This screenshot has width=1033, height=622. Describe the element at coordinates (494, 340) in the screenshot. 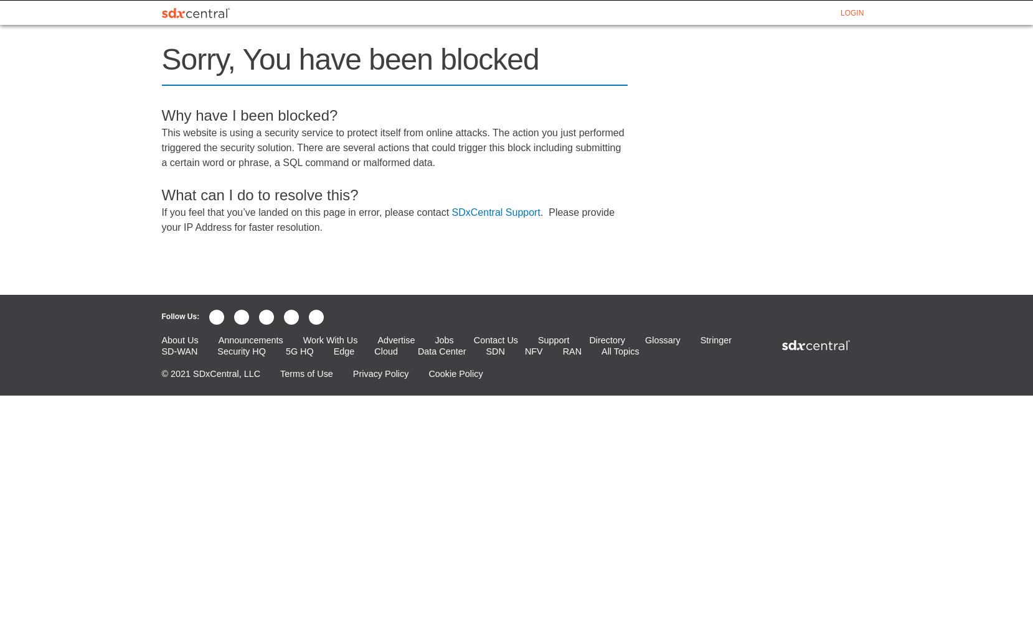

I see `'Contact Us'` at that location.